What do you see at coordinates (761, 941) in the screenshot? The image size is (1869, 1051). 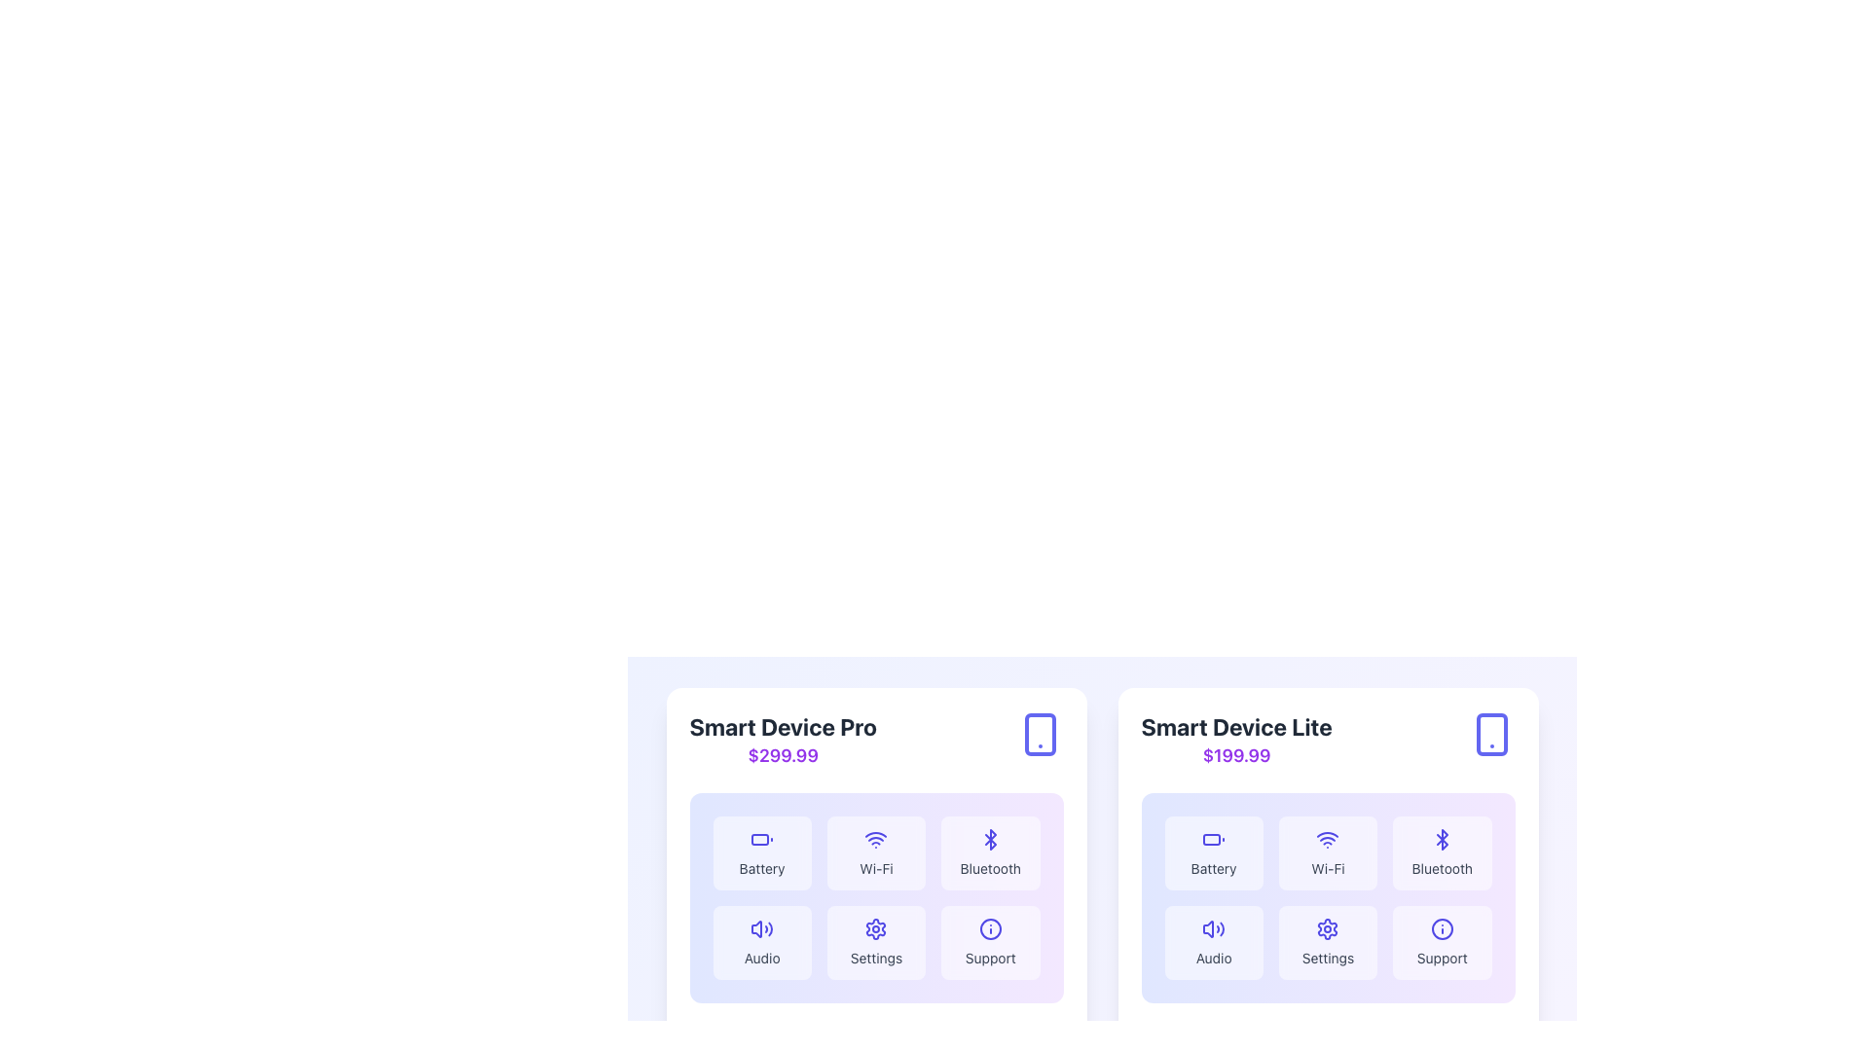 I see `the audio settings button located in the first column, second row of the grid layout under 'Smart Device Pro'` at bounding box center [761, 941].